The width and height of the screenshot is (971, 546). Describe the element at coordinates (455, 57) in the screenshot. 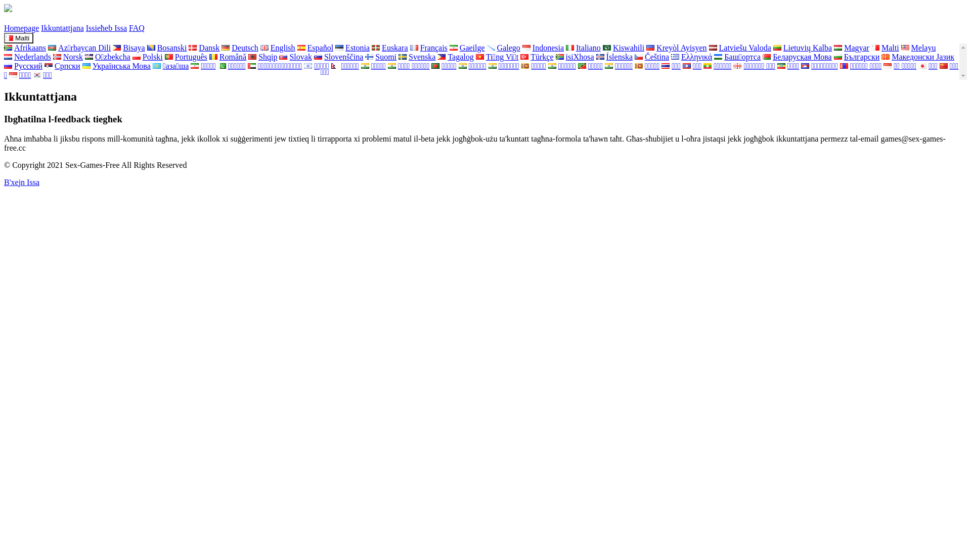

I see `'Tagalog'` at that location.